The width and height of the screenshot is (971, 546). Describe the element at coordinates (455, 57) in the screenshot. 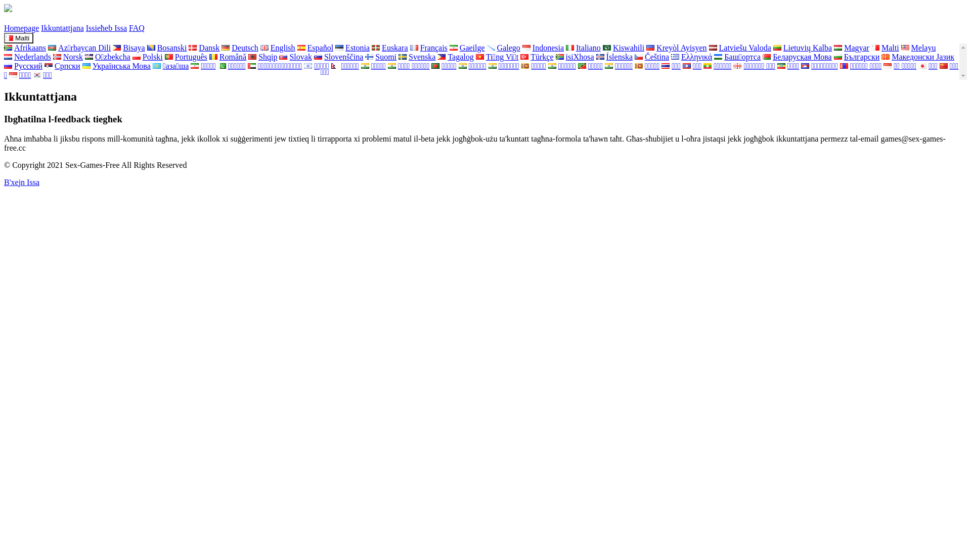

I see `'Tagalog'` at that location.